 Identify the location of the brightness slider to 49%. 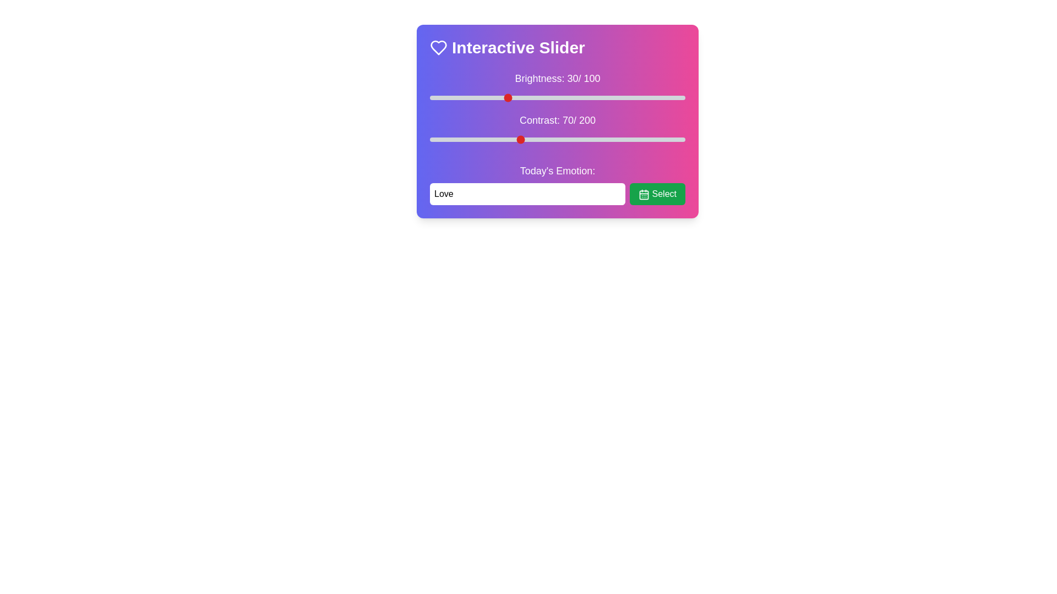
(555, 97).